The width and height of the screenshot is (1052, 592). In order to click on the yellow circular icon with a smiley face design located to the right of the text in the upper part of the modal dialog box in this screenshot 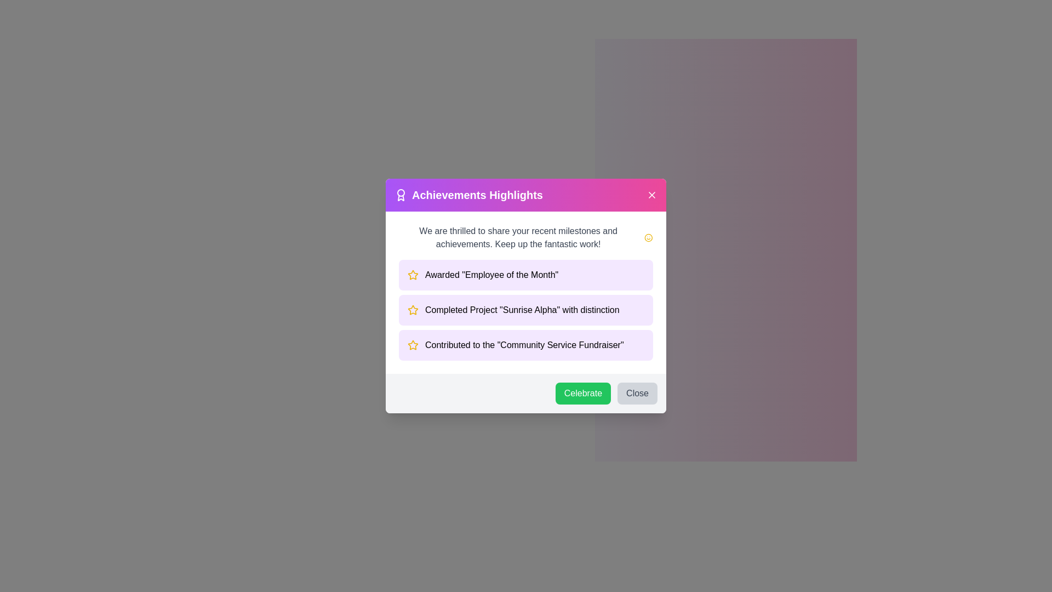, I will do `click(649, 237)`.